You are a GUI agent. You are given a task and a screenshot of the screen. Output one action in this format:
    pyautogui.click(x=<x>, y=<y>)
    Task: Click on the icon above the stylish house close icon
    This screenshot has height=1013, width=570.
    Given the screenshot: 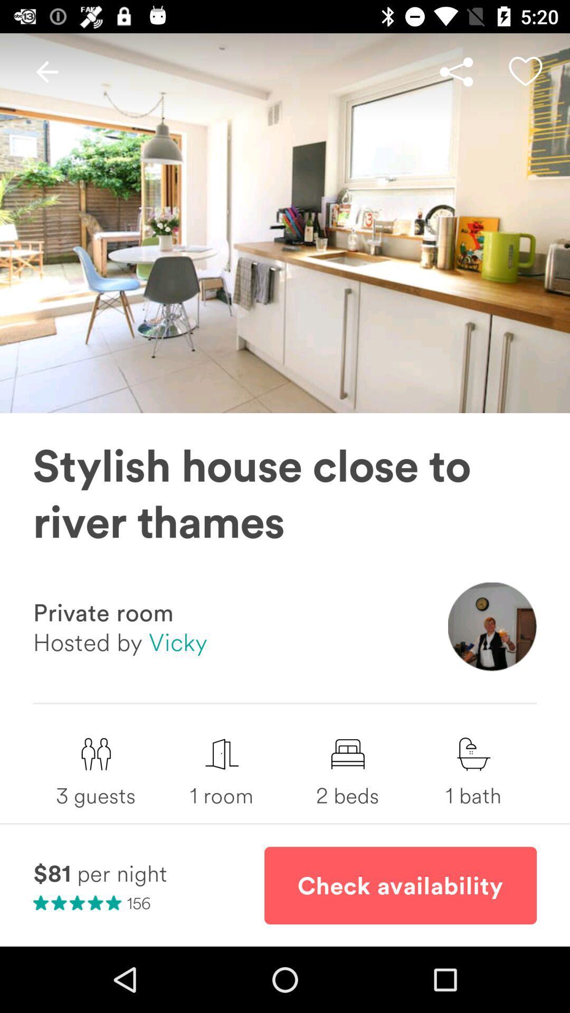 What is the action you would take?
    pyautogui.click(x=46, y=71)
    